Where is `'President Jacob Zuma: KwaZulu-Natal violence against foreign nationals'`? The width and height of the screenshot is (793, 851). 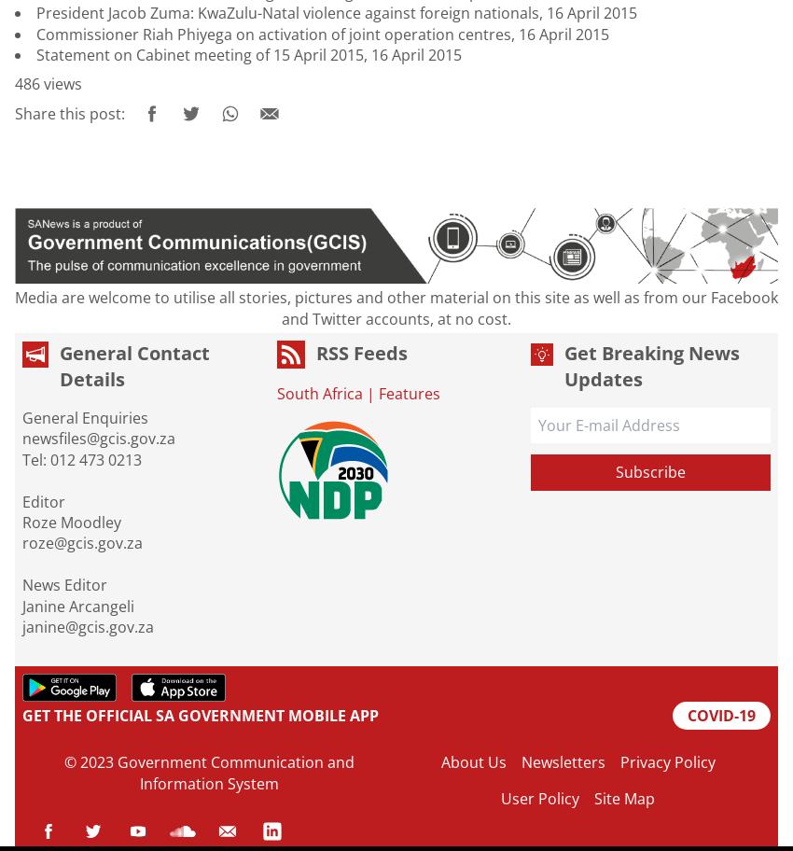
'President Jacob Zuma: KwaZulu-Natal violence against foreign nationals' is located at coordinates (35, 13).